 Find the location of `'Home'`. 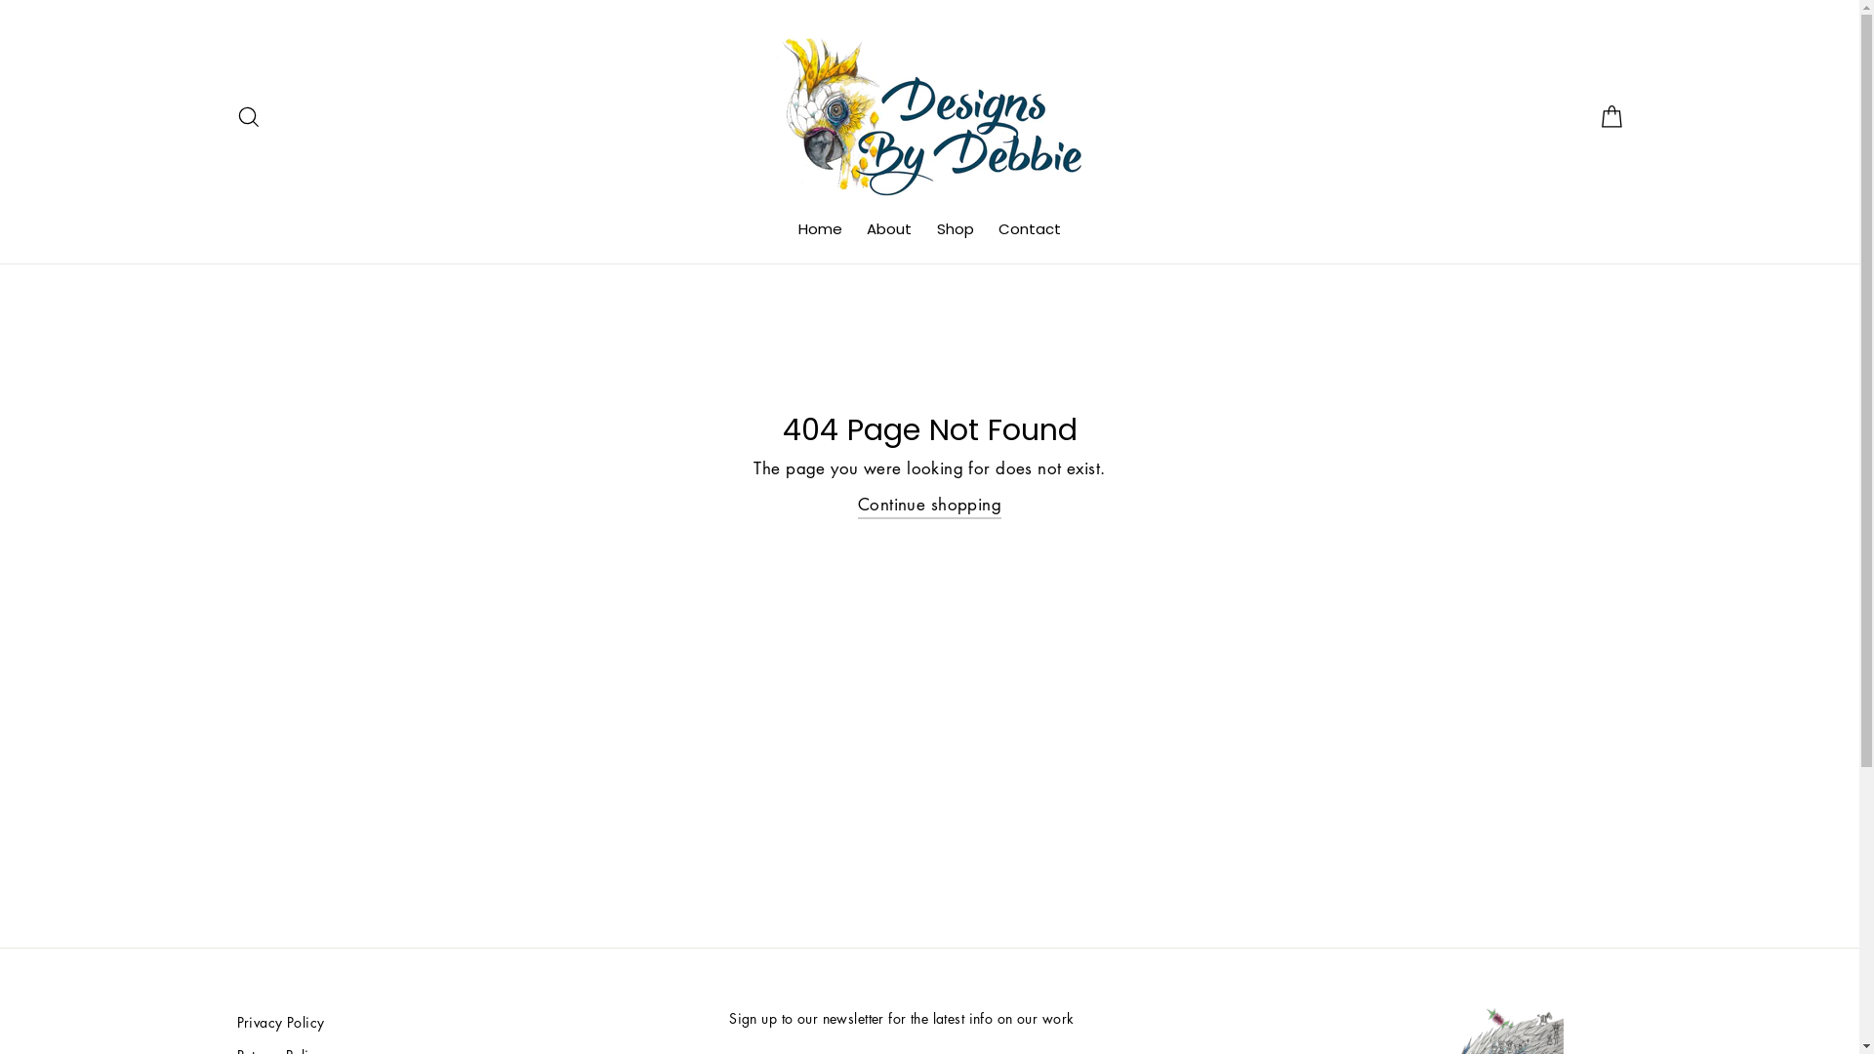

'Home' is located at coordinates (820, 228).